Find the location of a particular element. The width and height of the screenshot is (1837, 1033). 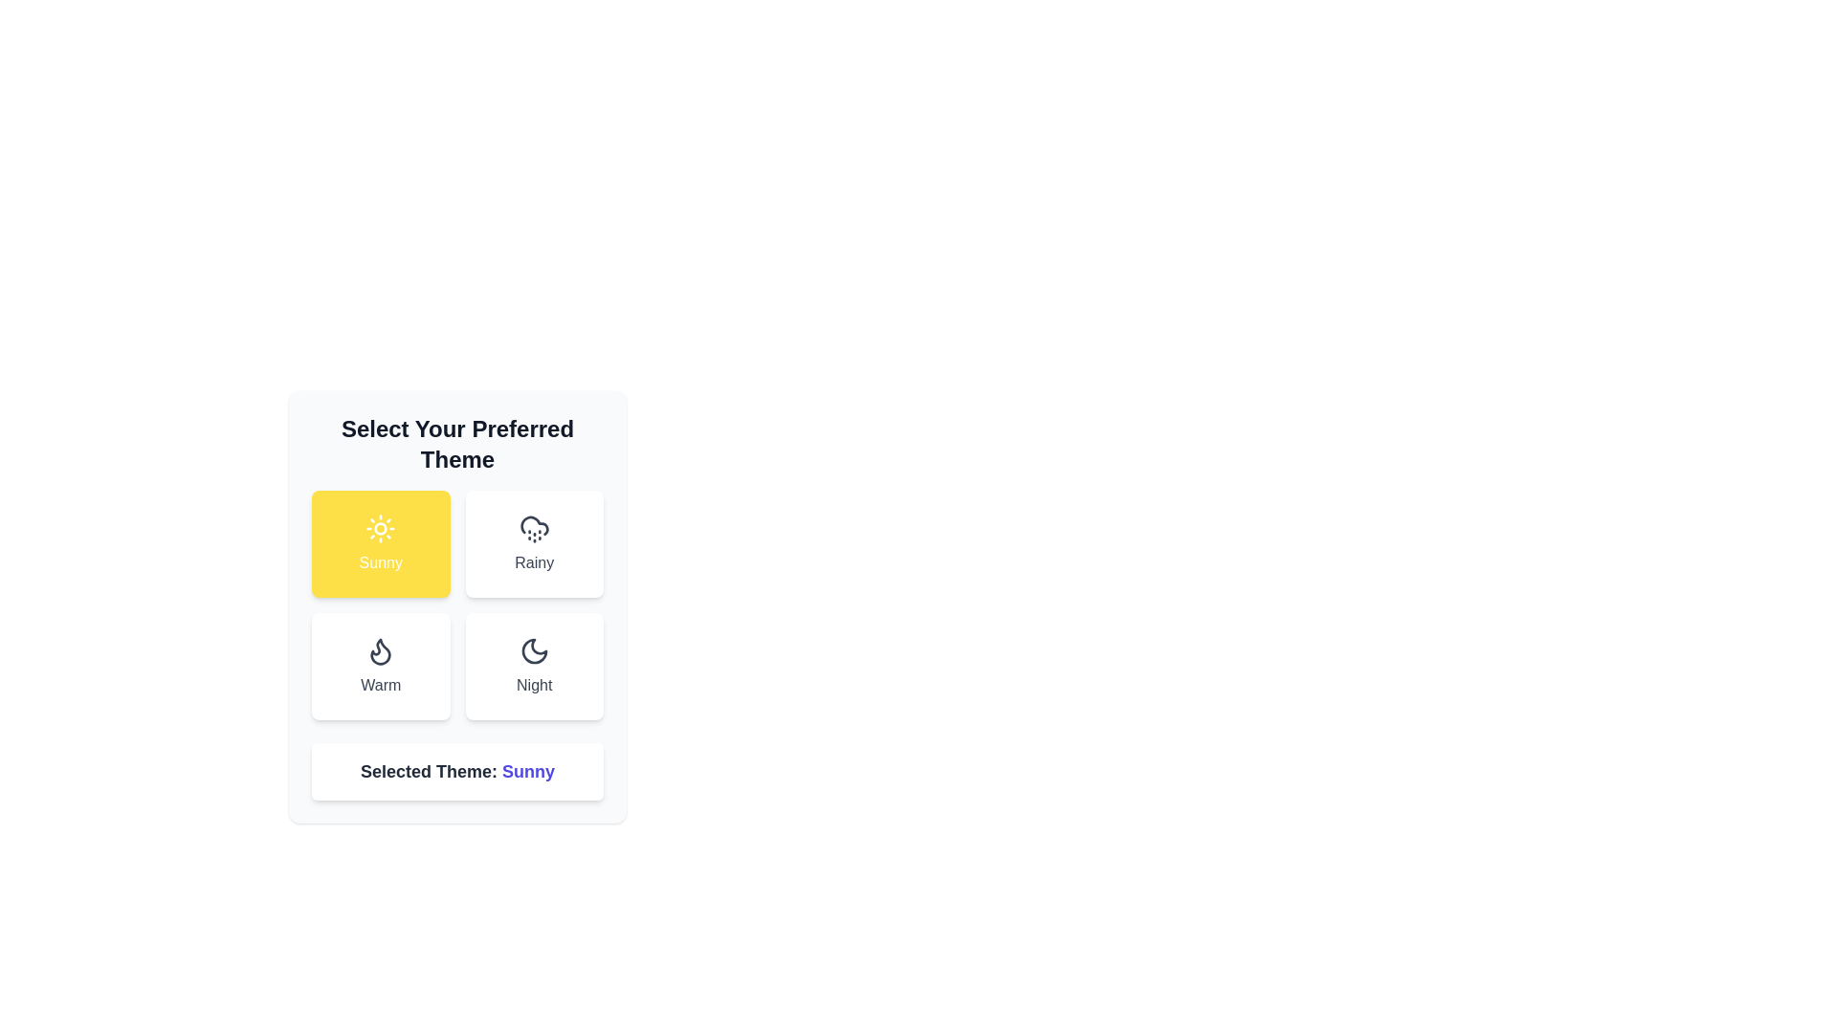

the theme button labeled Night to select it is located at coordinates (534, 666).